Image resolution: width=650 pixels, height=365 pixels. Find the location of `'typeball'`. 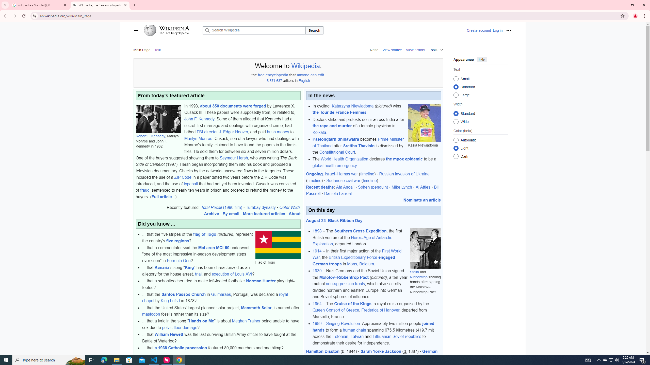

'typeball' is located at coordinates (190, 184).